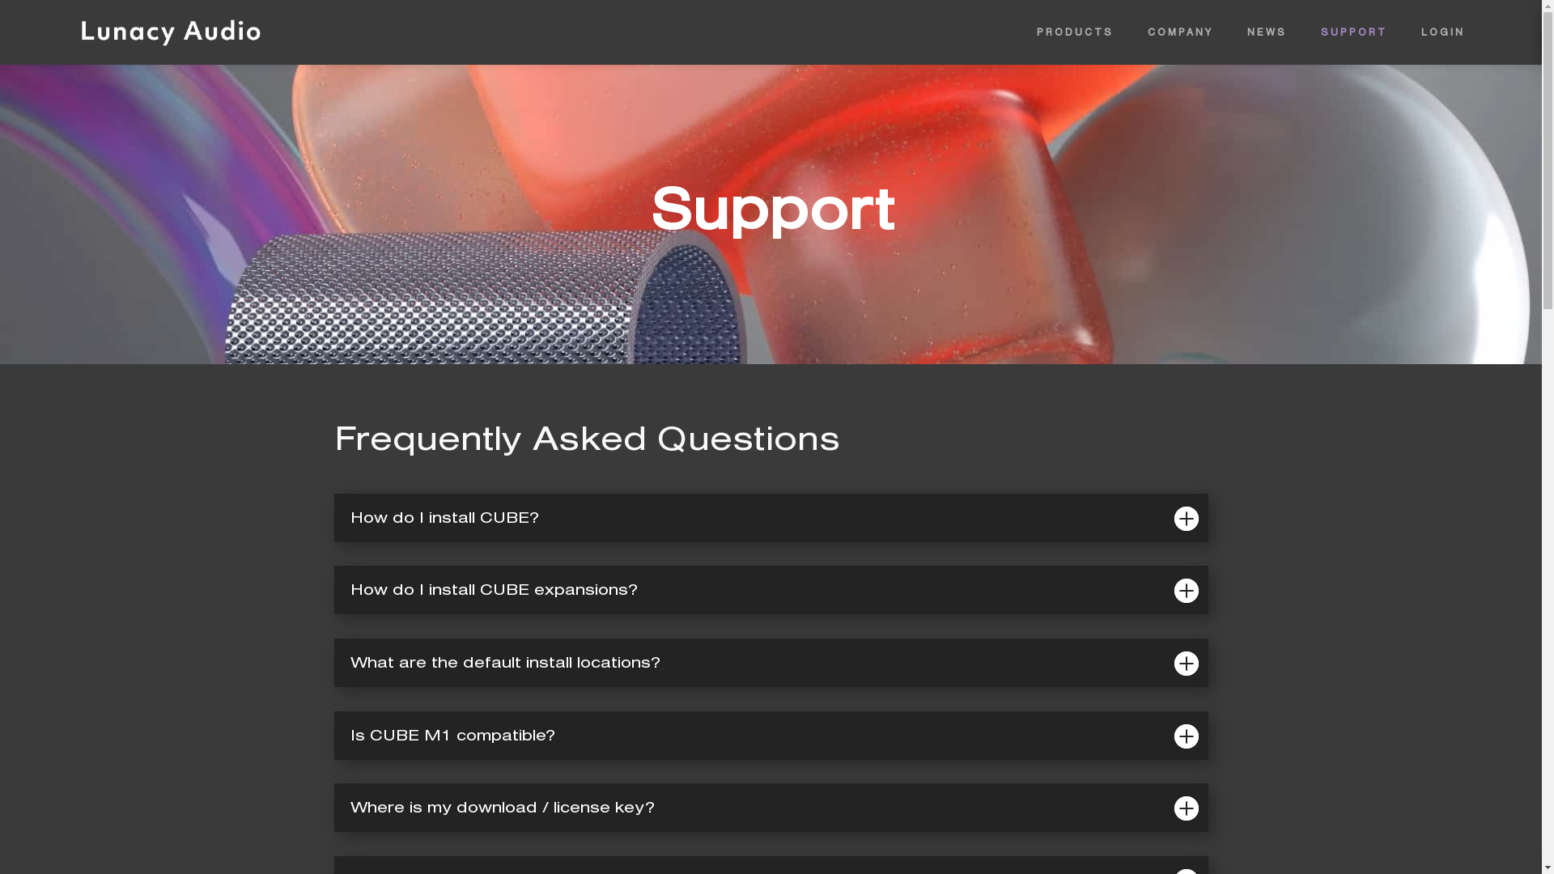 The height and width of the screenshot is (874, 1554). Describe the element at coordinates (1075, 32) in the screenshot. I see `'PRODUCTS'` at that location.